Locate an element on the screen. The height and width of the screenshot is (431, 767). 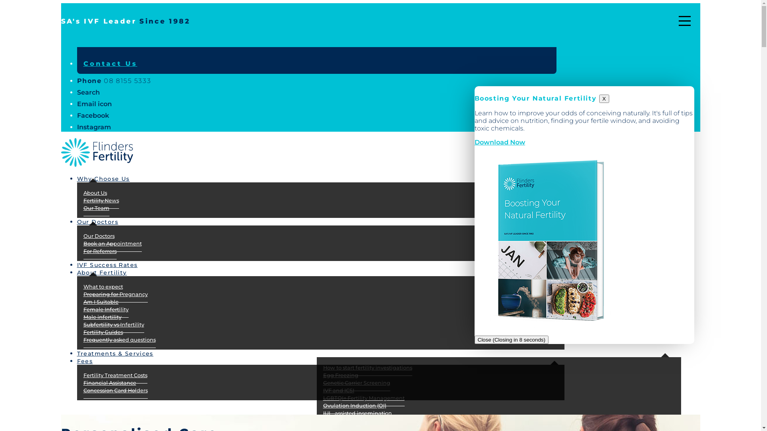
'Fertility Treatment Costs' is located at coordinates (115, 376).